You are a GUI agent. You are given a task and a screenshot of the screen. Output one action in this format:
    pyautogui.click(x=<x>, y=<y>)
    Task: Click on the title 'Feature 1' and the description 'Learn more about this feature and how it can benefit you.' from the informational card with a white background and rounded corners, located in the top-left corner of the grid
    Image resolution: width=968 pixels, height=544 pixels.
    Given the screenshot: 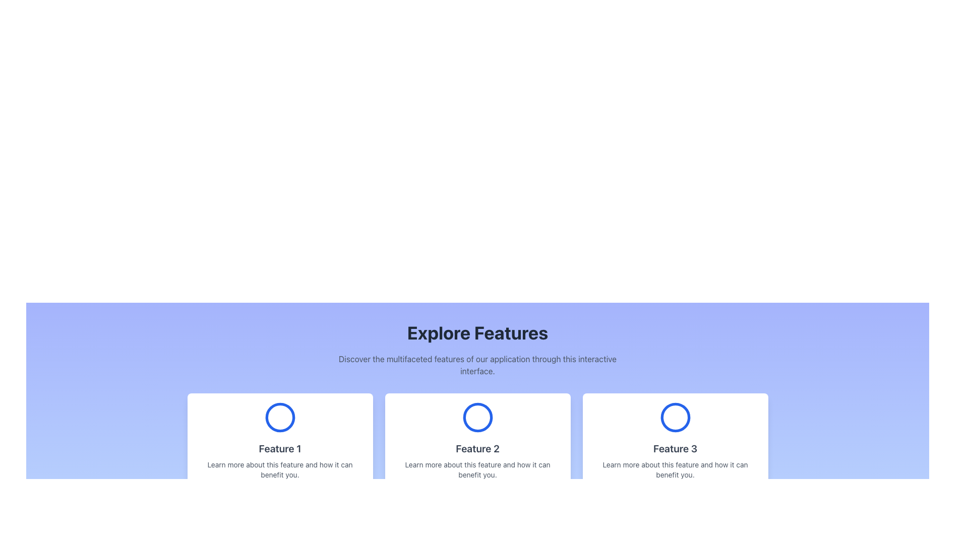 What is the action you would take?
    pyautogui.click(x=280, y=450)
    